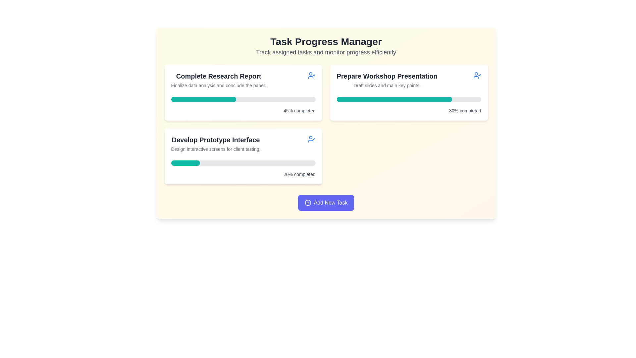 The height and width of the screenshot is (358, 636). I want to click on the blue user icon with a checkmark symbol in the top-right corner of the 'Develop Prototype Interface' task card for information, so click(311, 139).